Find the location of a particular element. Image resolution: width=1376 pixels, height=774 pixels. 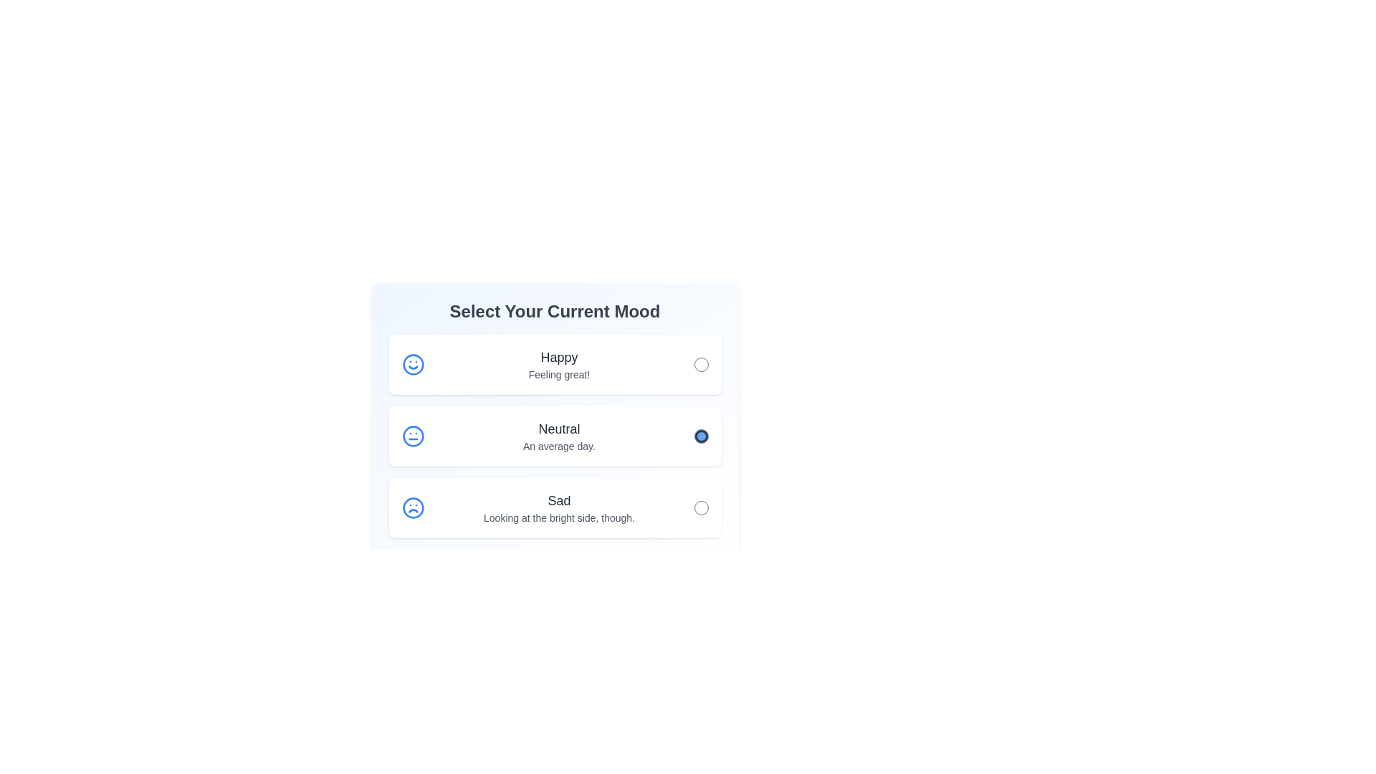

the 'Sad' mood radio button option is located at coordinates (554, 507).